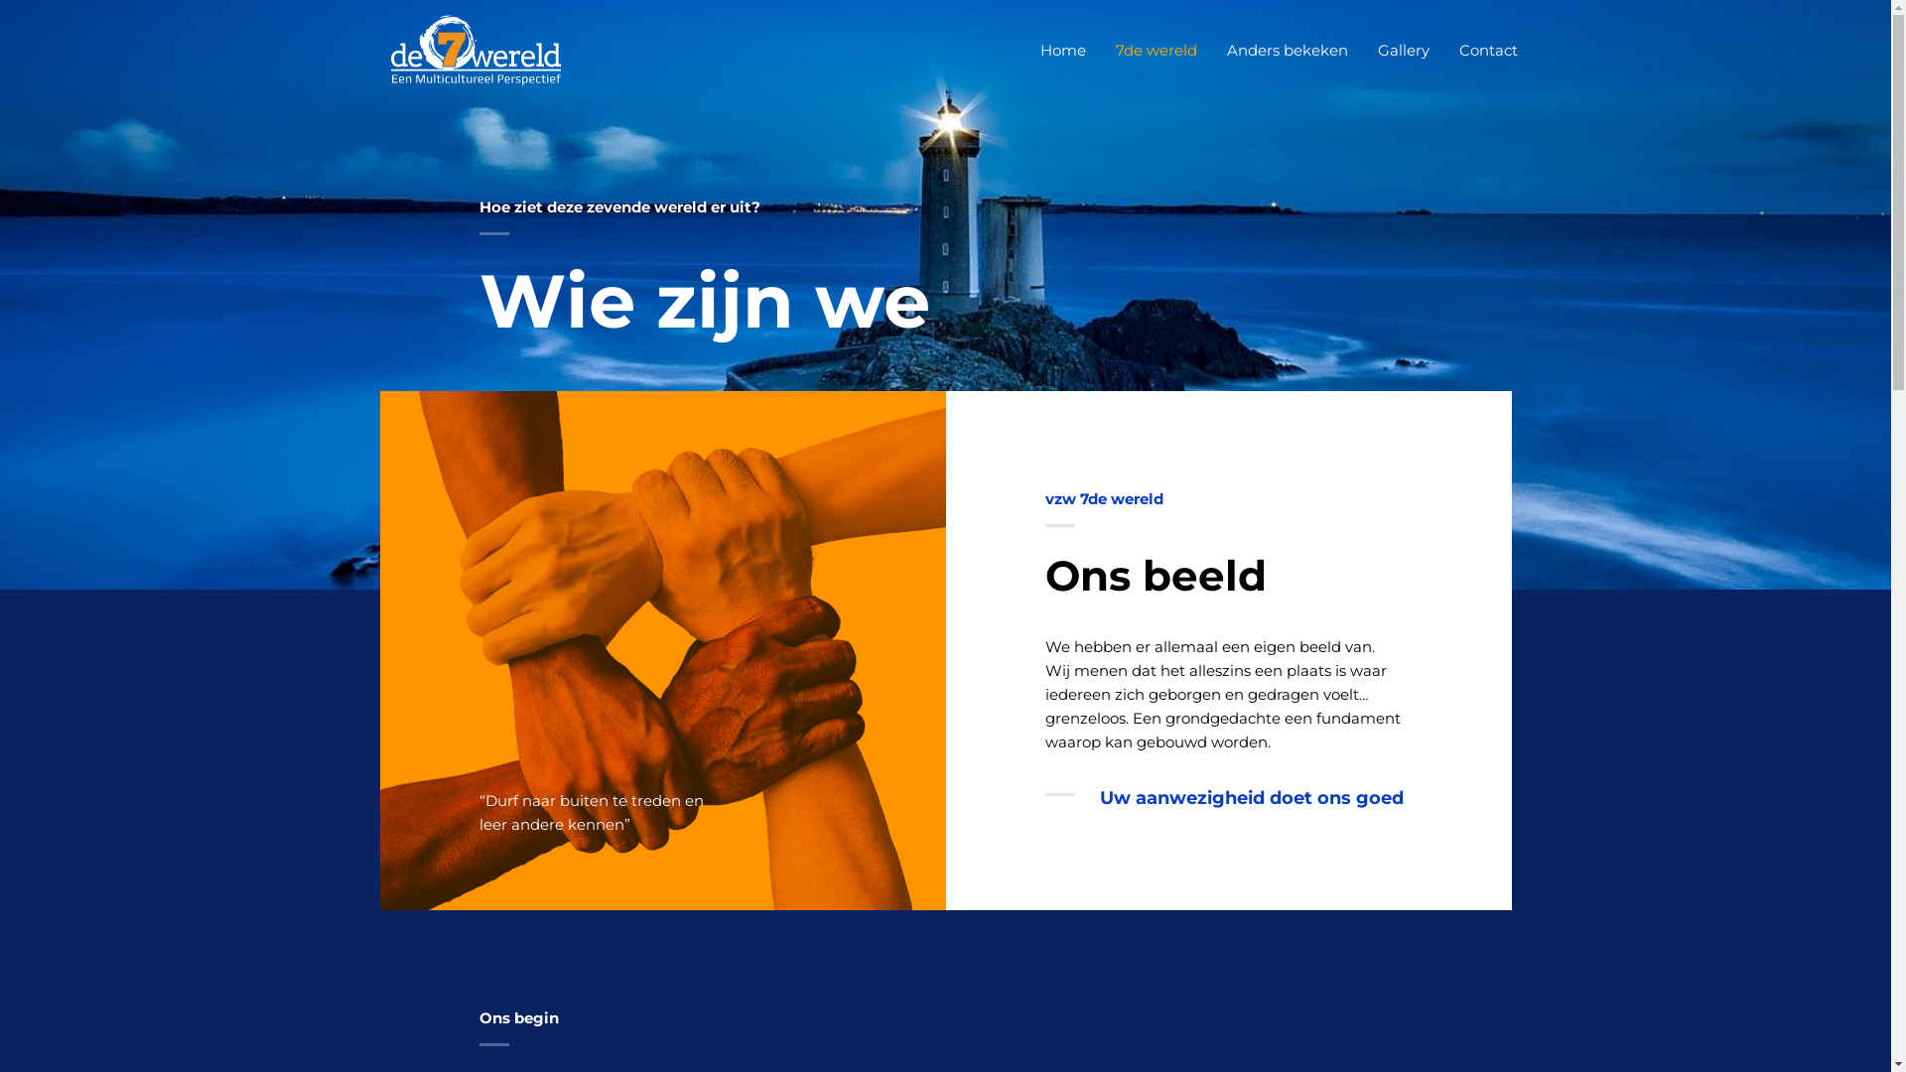 This screenshot has width=1906, height=1072. I want to click on '7de wereld', so click(1099, 49).